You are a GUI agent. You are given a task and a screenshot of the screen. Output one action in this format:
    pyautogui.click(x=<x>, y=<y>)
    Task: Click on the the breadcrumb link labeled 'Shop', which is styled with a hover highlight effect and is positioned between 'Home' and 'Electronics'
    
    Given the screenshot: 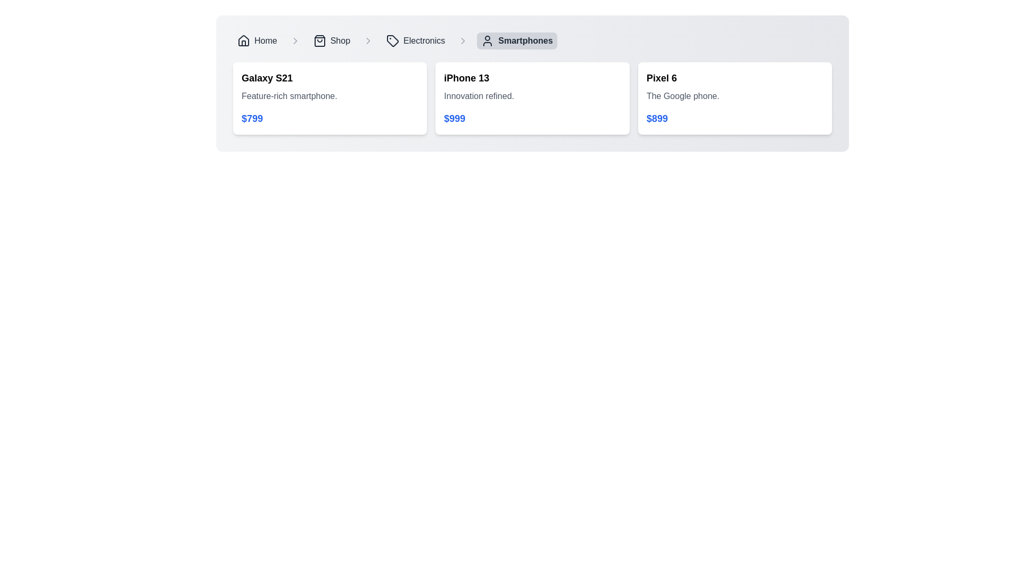 What is the action you would take?
    pyautogui.click(x=331, y=40)
    